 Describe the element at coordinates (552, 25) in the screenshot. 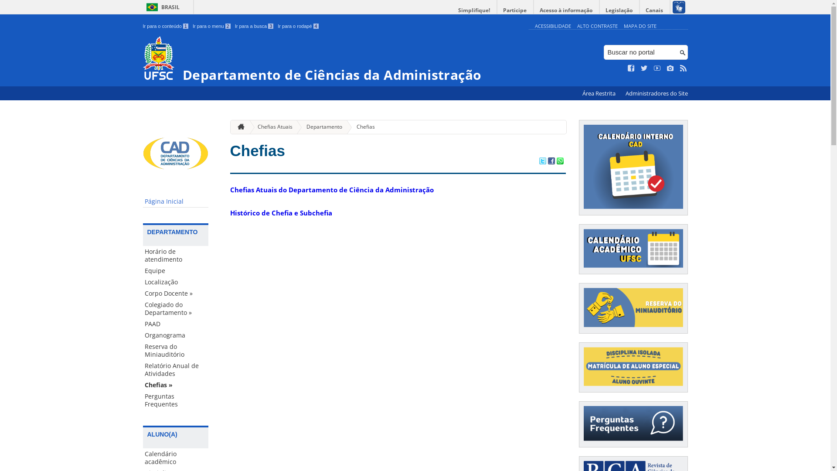

I see `'ACESSIBILIDADE'` at that location.